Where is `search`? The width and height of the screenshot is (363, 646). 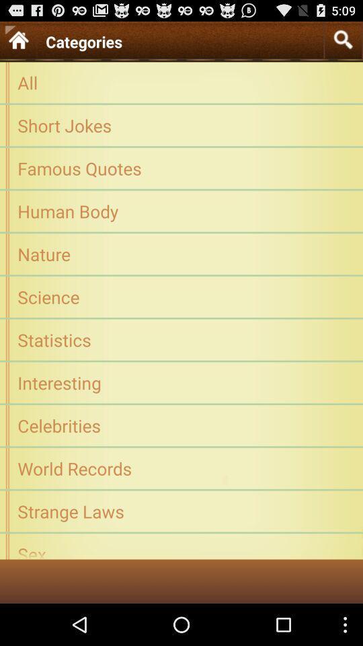 search is located at coordinates (343, 39).